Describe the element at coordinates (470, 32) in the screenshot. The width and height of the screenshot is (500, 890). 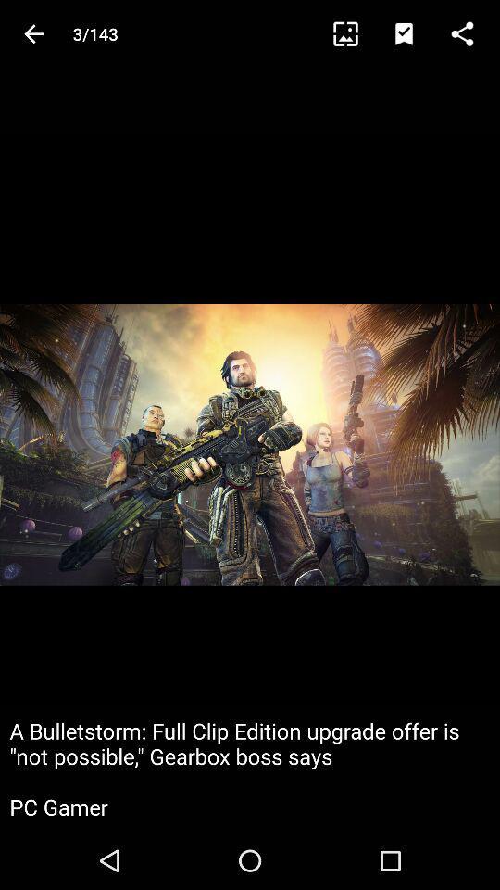
I see `share` at that location.